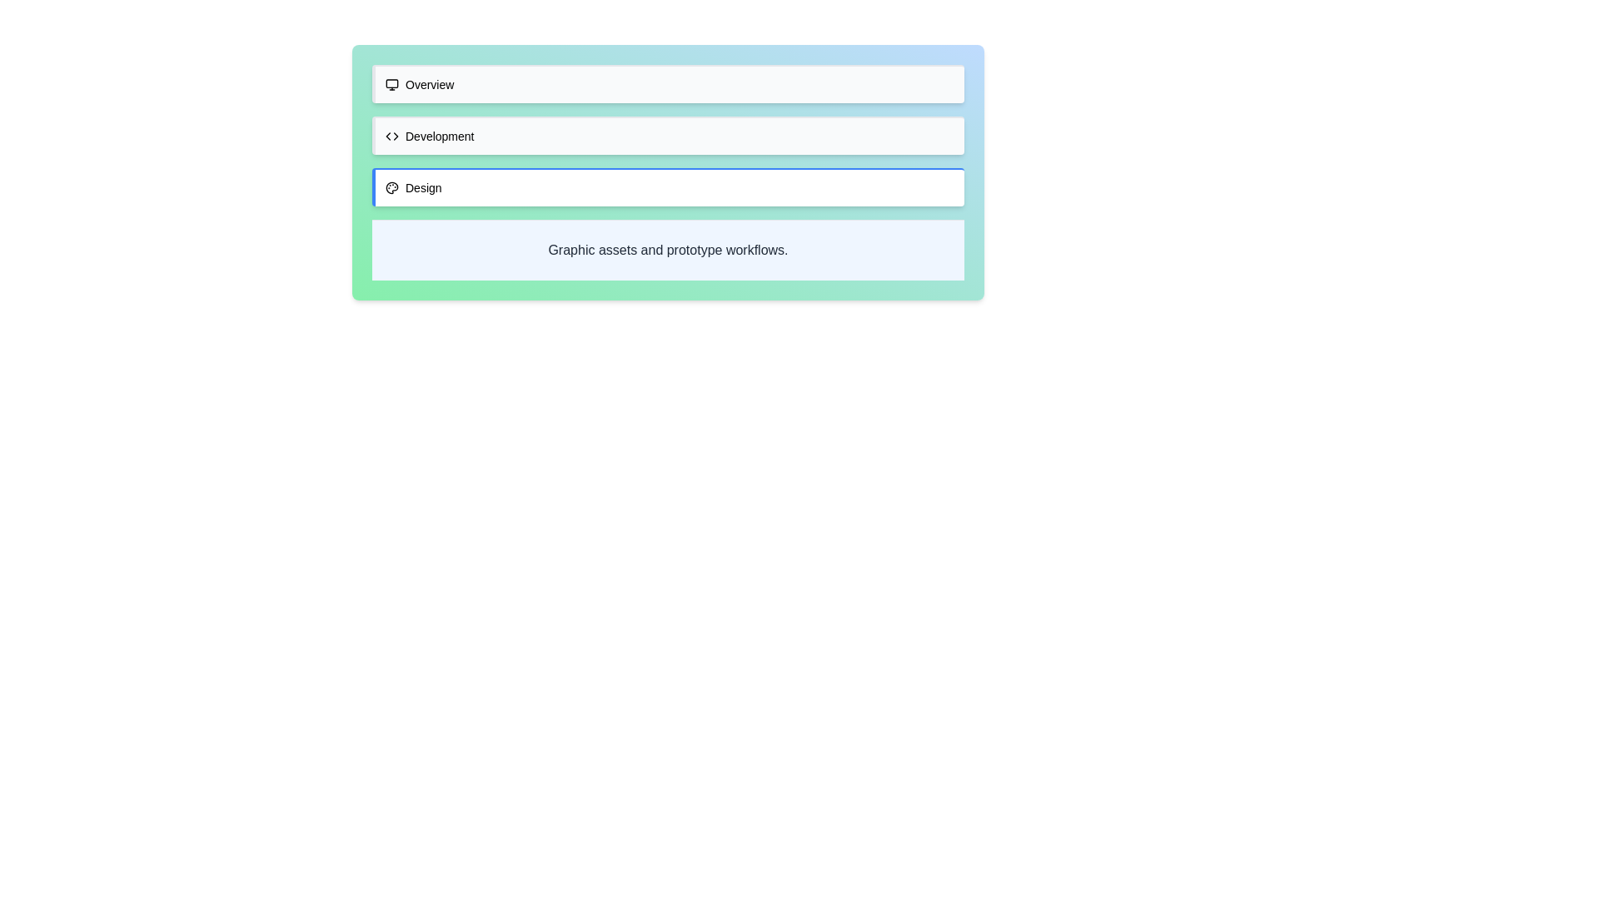  Describe the element at coordinates (668, 134) in the screenshot. I see `the tab labeled Development to see its hover effect` at that location.